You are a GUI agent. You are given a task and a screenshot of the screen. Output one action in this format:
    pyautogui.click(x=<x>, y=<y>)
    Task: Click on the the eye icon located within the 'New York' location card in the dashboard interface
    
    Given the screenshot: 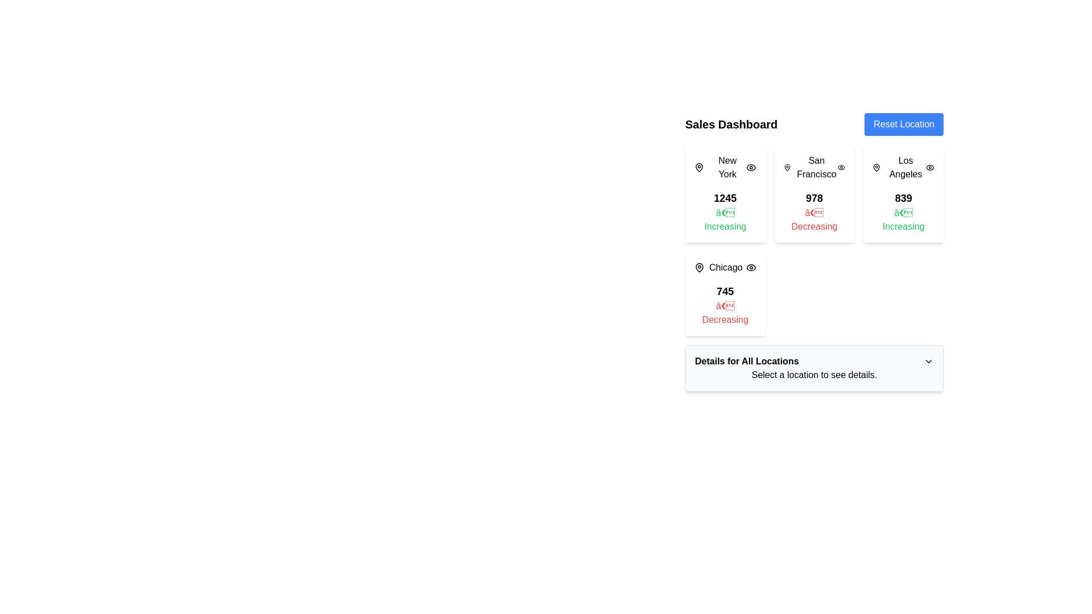 What is the action you would take?
    pyautogui.click(x=751, y=167)
    